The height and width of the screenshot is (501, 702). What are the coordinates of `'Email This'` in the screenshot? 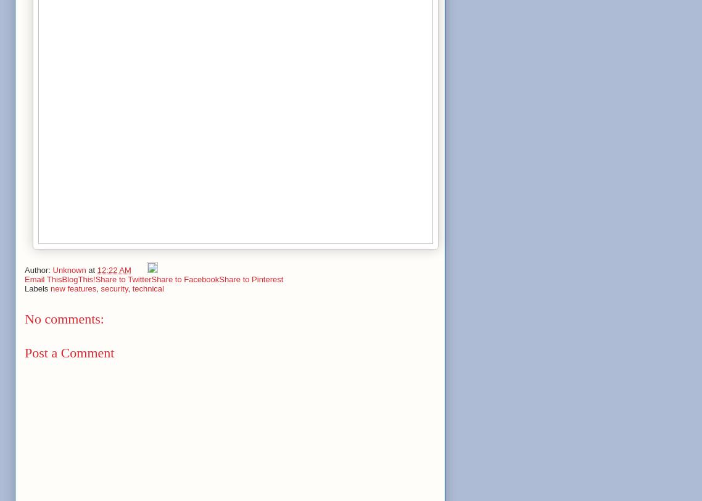 It's located at (42, 279).